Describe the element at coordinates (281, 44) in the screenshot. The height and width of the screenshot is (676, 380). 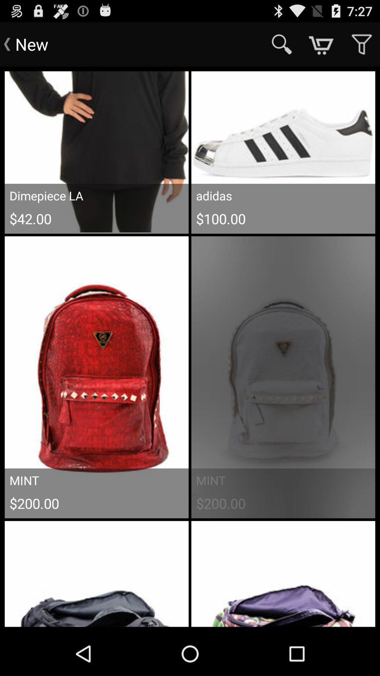
I see `the icon next to new app` at that location.